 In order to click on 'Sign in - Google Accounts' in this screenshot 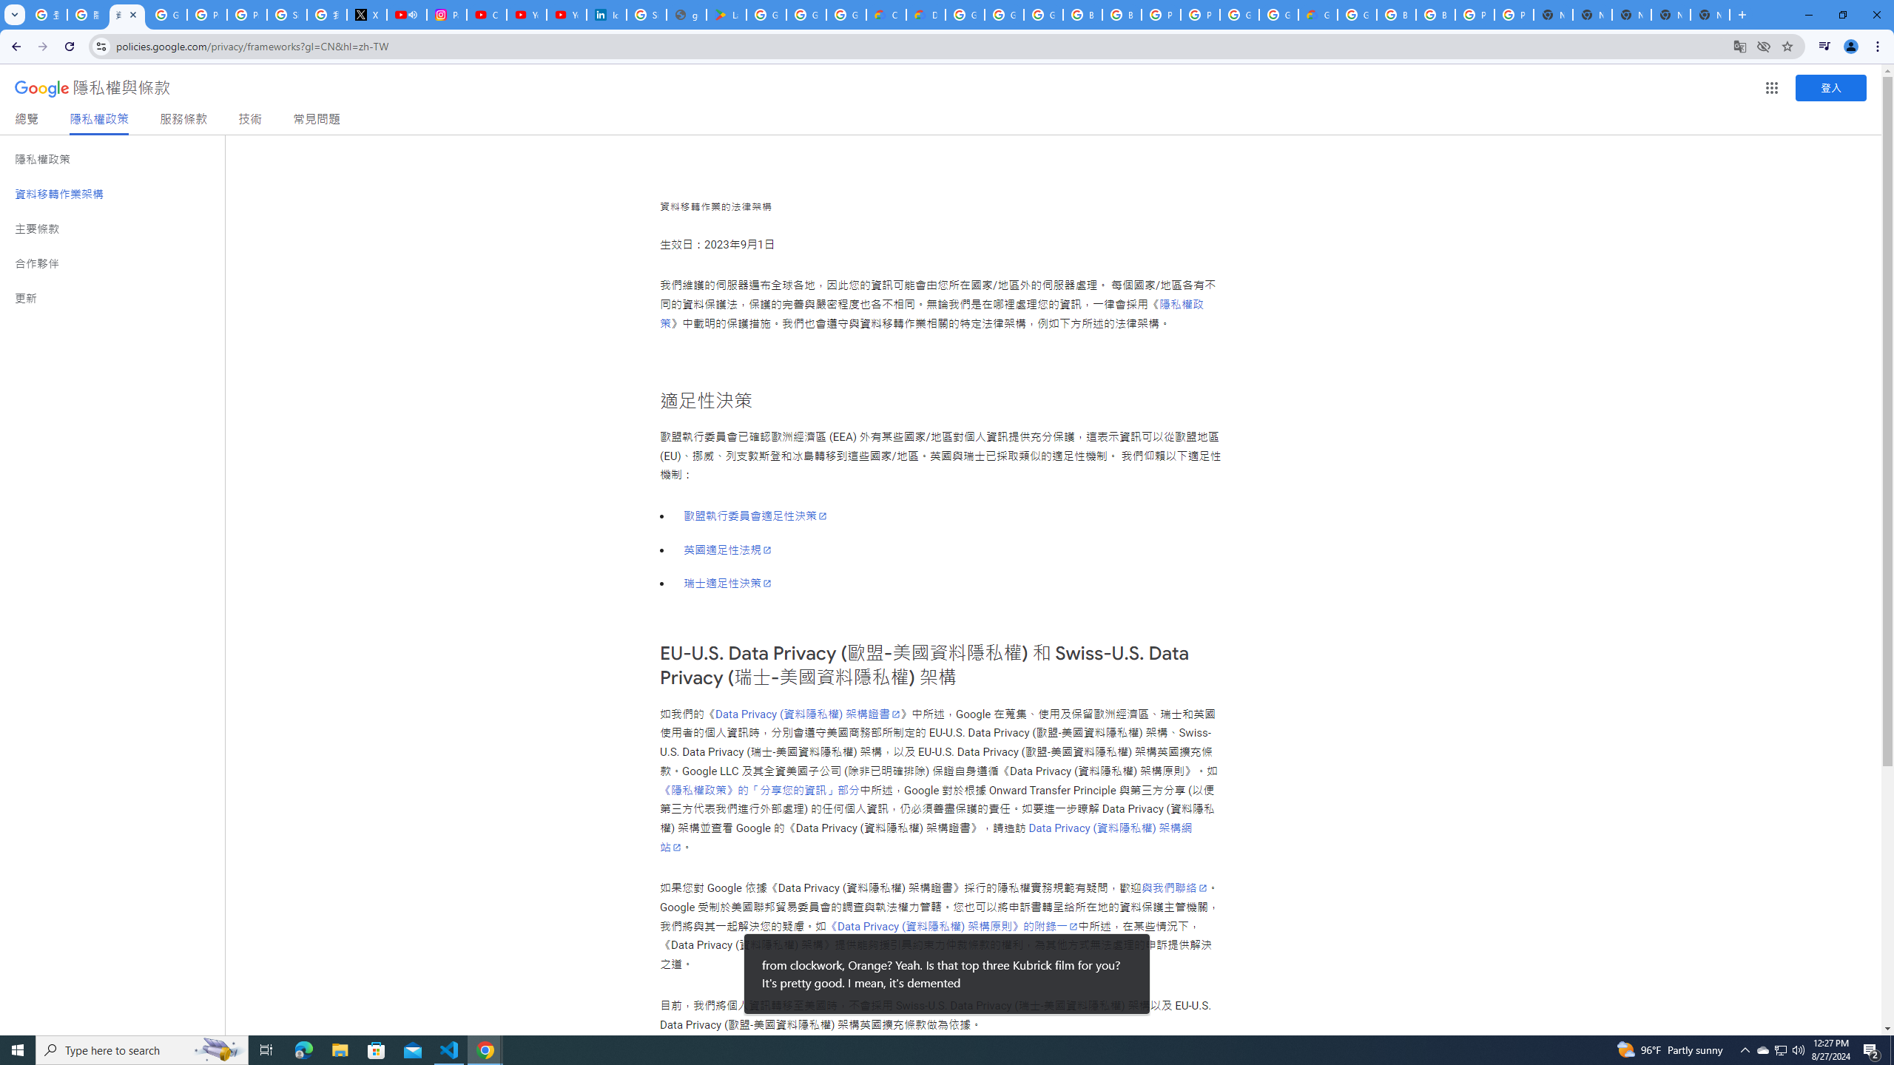, I will do `click(287, 14)`.